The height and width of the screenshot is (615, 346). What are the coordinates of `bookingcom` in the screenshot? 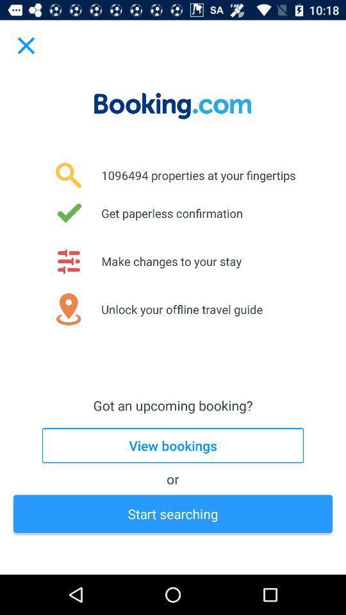 It's located at (173, 105).